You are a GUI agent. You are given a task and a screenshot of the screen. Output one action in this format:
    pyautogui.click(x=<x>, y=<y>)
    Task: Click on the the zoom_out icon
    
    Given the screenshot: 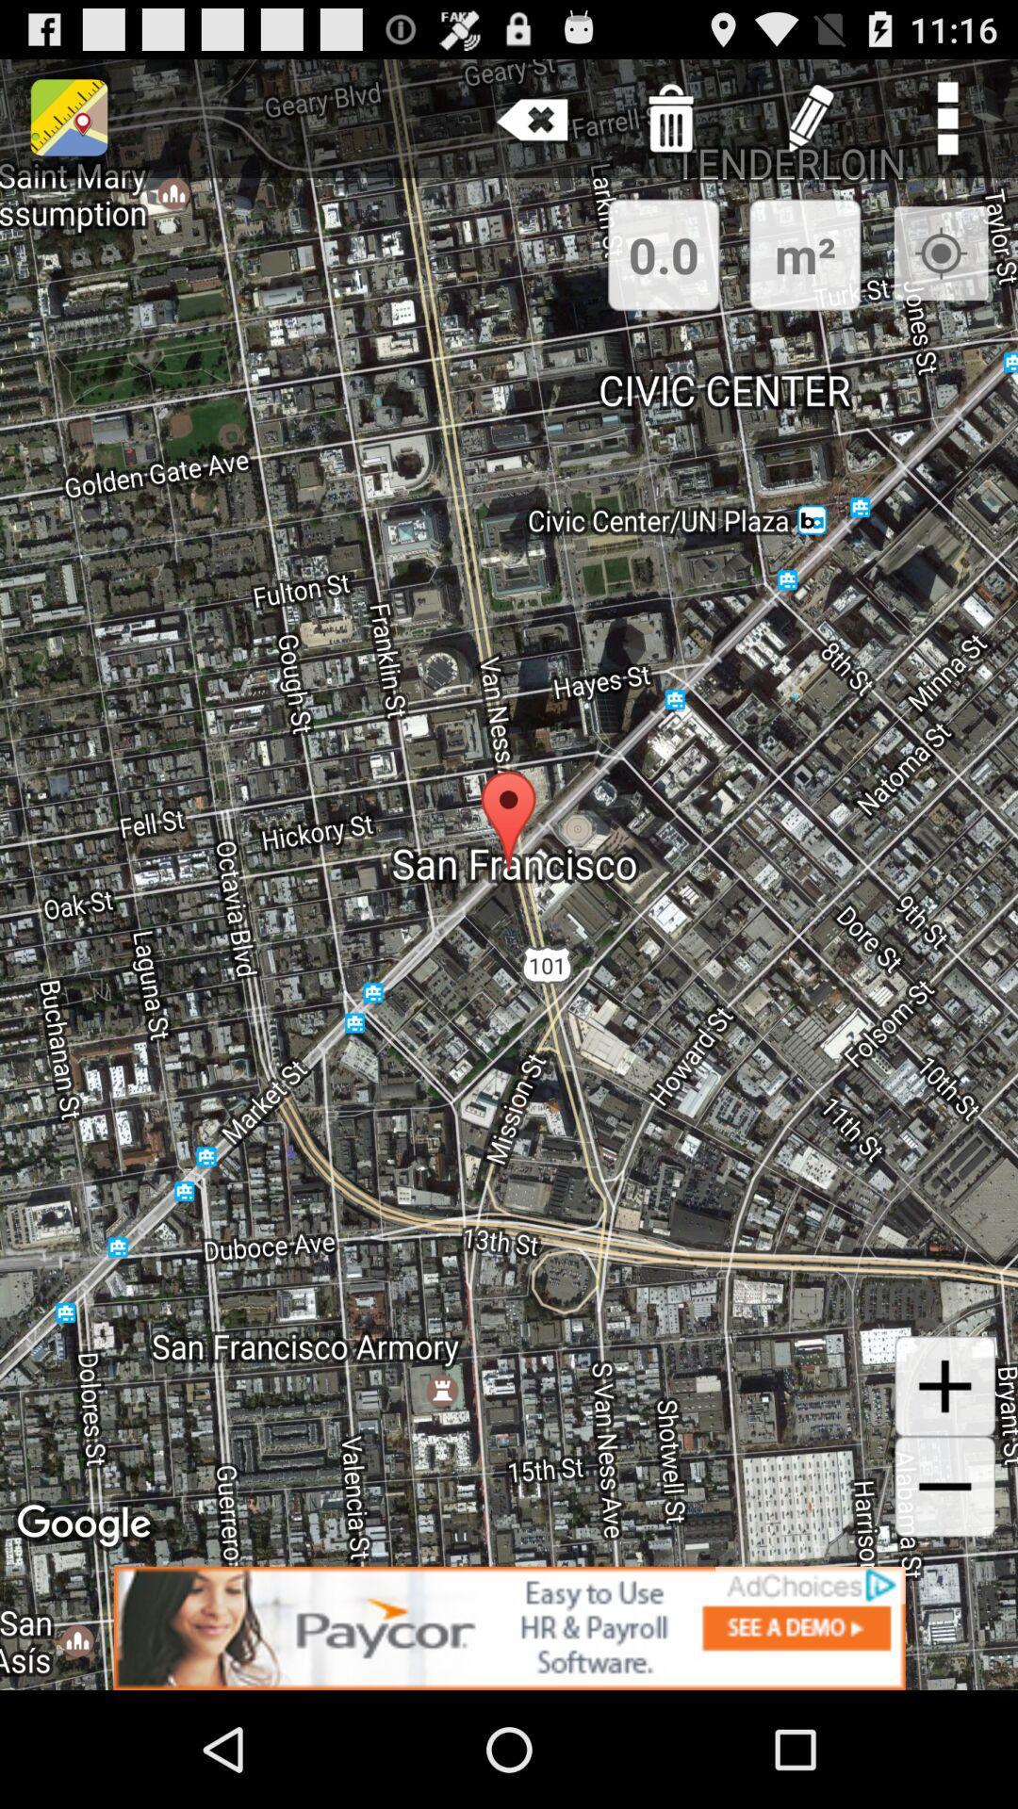 What is the action you would take?
    pyautogui.click(x=944, y=1589)
    